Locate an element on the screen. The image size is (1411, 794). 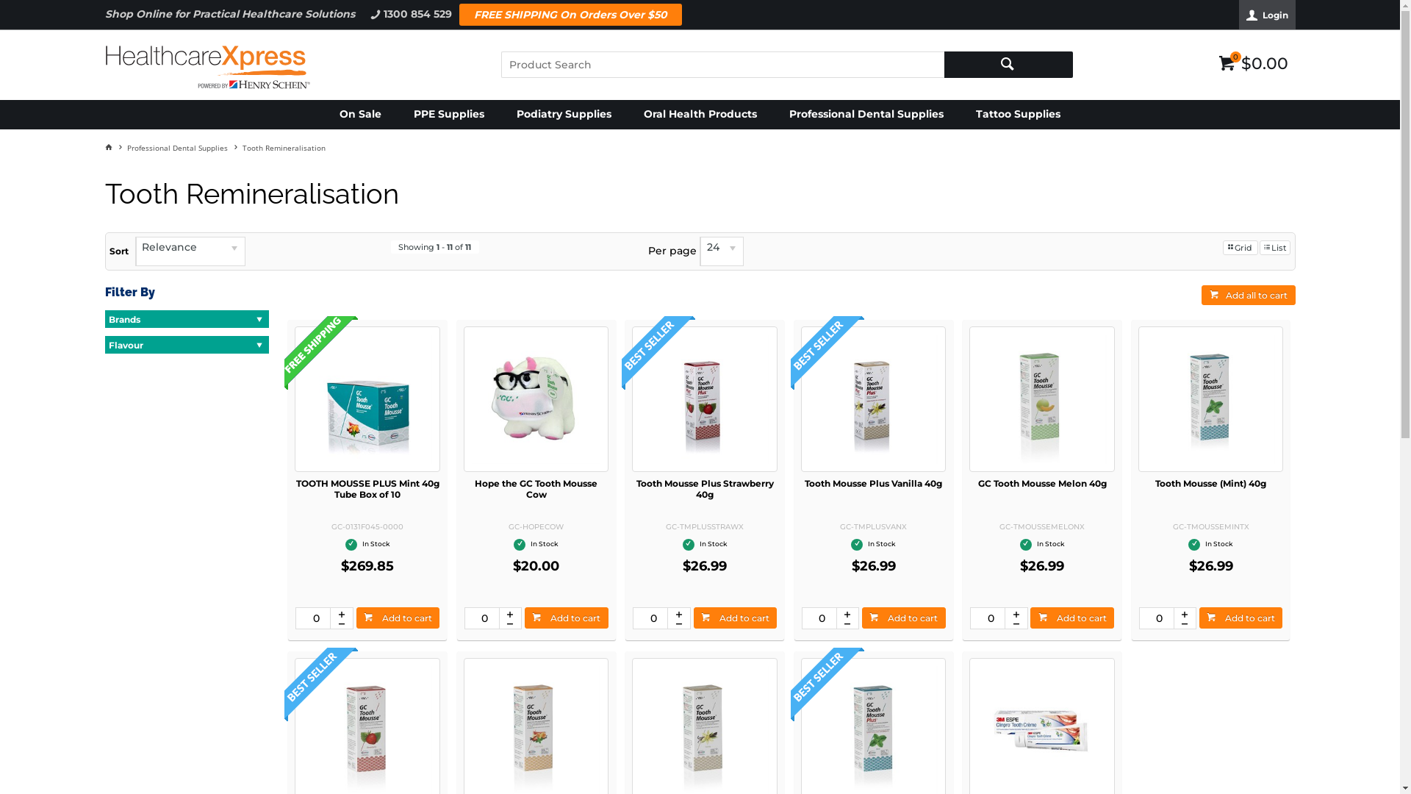
'Podiatry Supplies' is located at coordinates (563, 113).